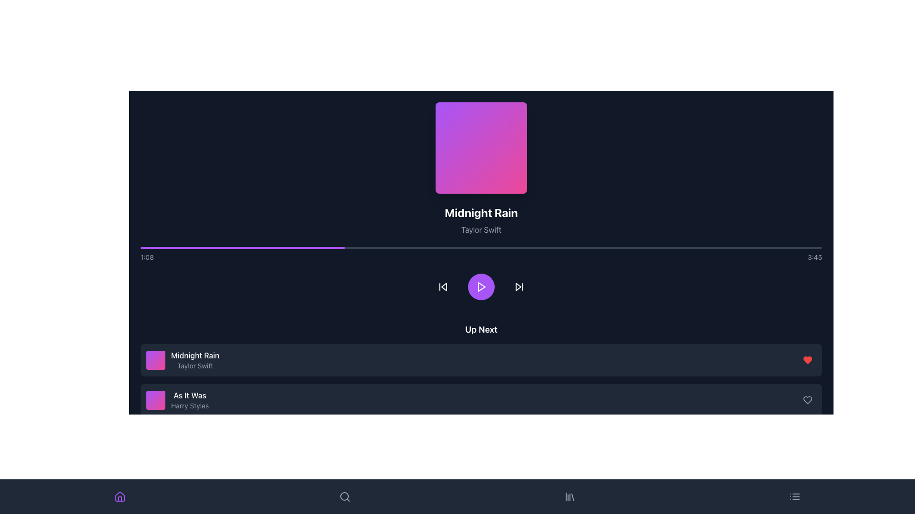 The image size is (915, 514). What do you see at coordinates (481, 480) in the screenshot?
I see `the search button located in the bottom navigation bar, which is the second button from the left` at bounding box center [481, 480].